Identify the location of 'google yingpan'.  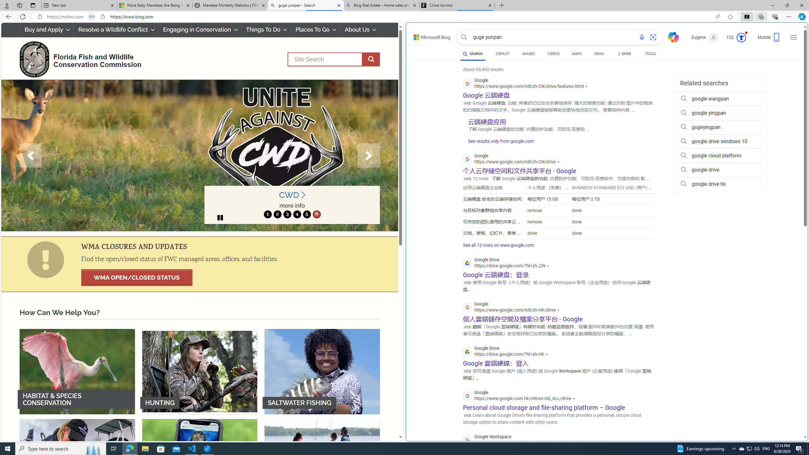
(720, 112).